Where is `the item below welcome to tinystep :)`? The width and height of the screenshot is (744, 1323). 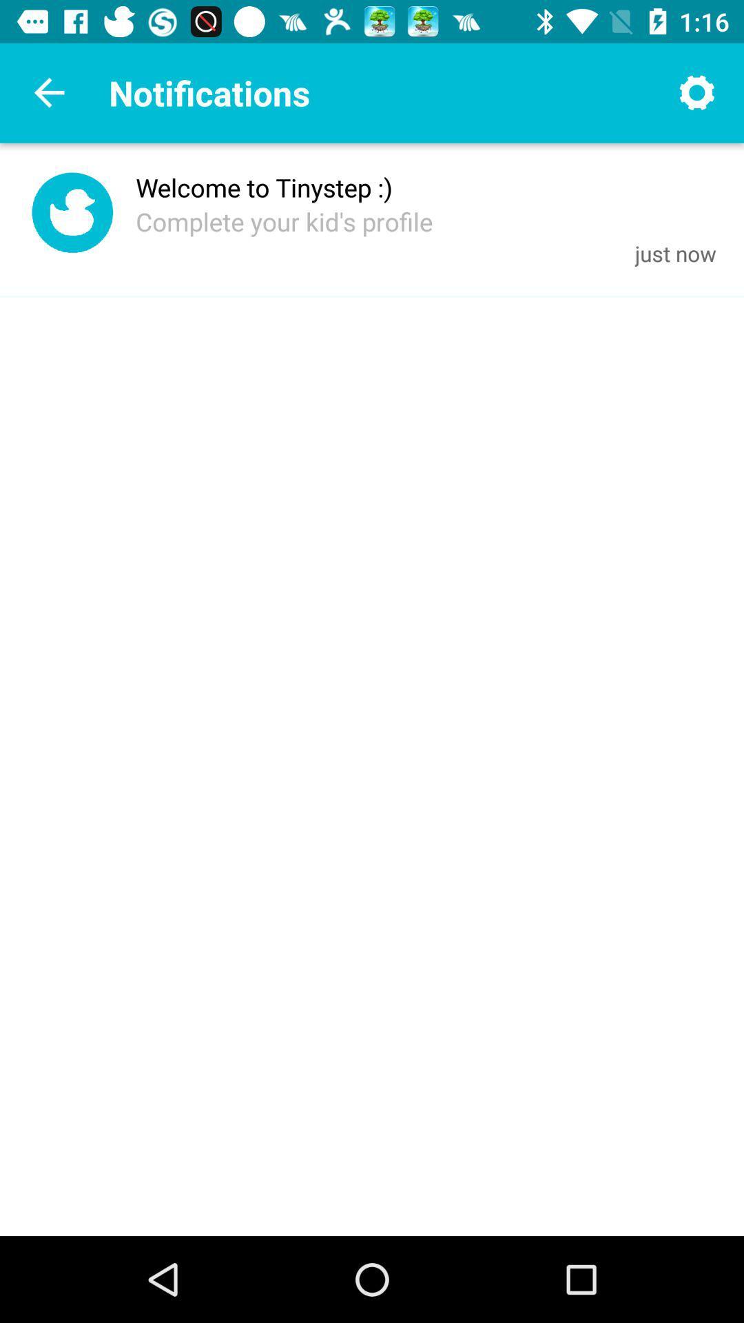 the item below welcome to tinystep :) is located at coordinates (283, 221).